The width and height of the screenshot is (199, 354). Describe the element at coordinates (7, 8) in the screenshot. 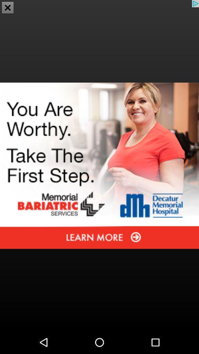

I see `the close icon` at that location.